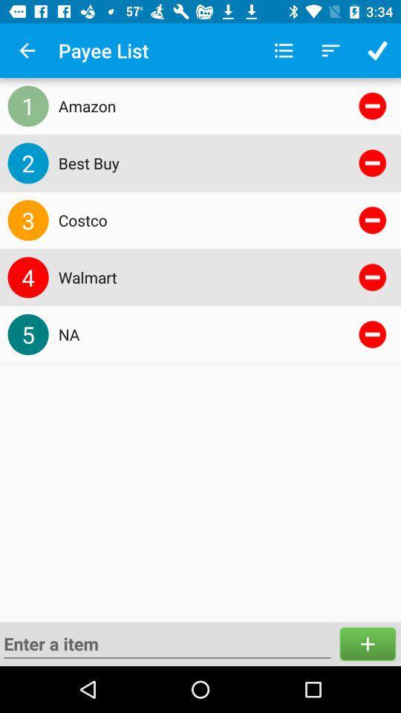 Image resolution: width=401 pixels, height=713 pixels. What do you see at coordinates (166, 643) in the screenshot?
I see `the icon below 5 item` at bounding box center [166, 643].